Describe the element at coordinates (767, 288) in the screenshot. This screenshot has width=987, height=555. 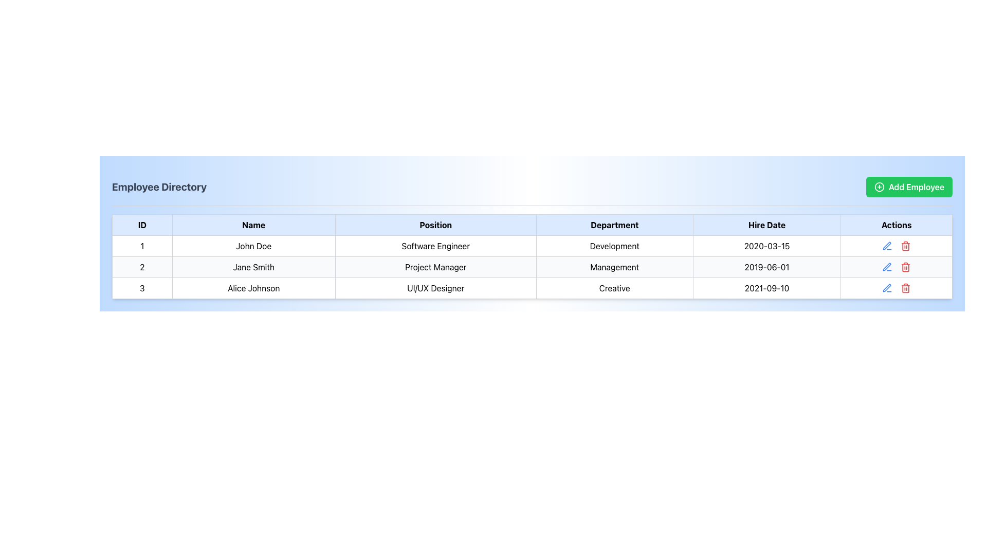
I see `the text display field that shows the hiring date of employee 'Alice Johnson', located in the last column of the third row under the 'Hire Date' header` at that location.